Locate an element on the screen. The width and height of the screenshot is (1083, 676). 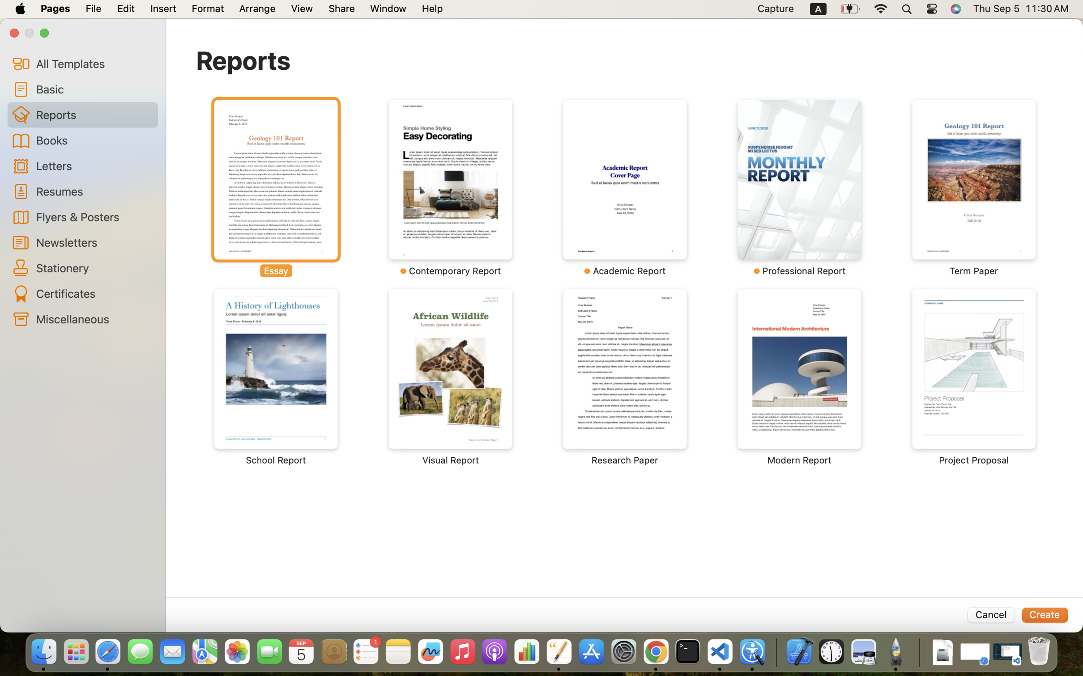
'‎⁨Visual Report⁩' is located at coordinates (451, 377).